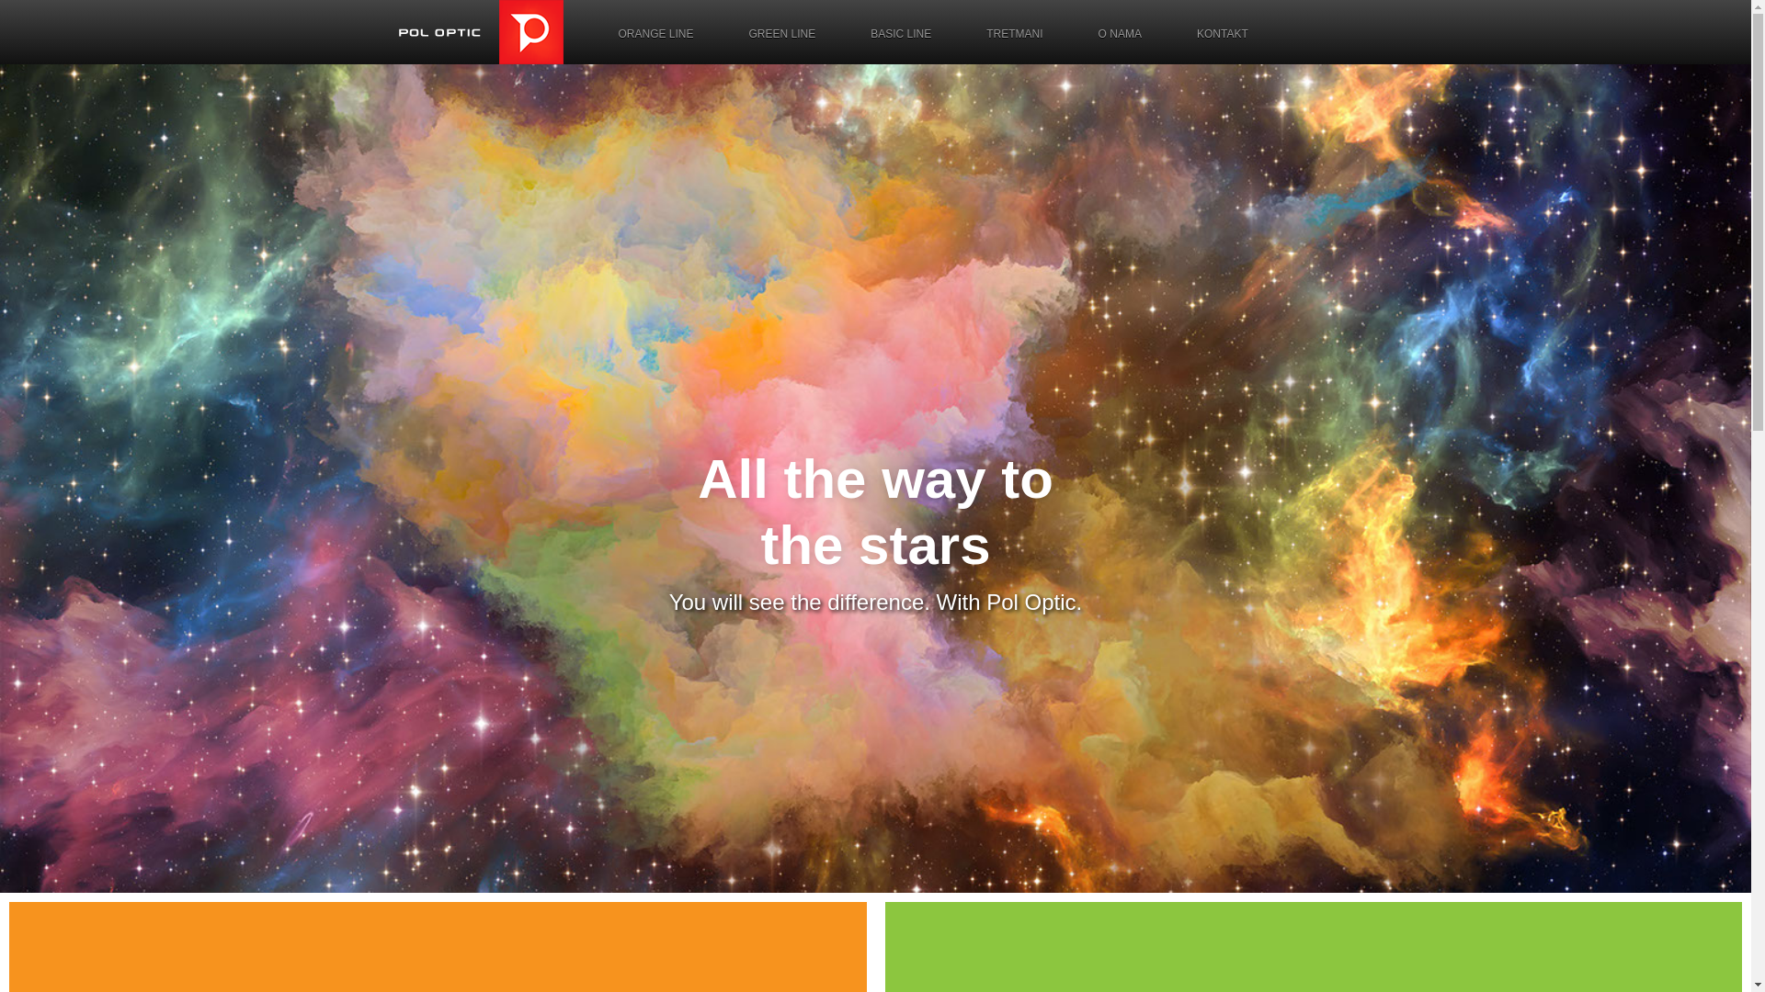 This screenshot has width=1765, height=992. Describe the element at coordinates (1168, 34) in the screenshot. I see `'KONTAKT'` at that location.